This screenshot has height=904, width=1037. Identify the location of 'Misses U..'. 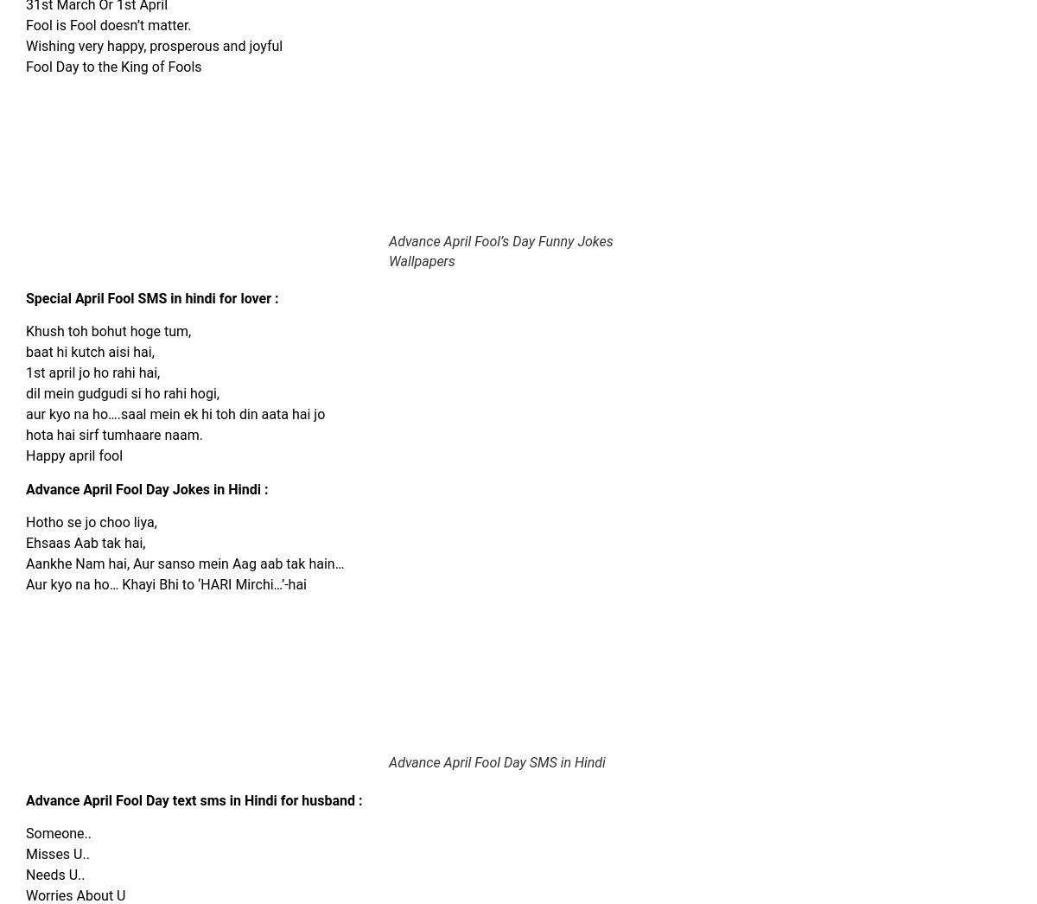
(57, 853).